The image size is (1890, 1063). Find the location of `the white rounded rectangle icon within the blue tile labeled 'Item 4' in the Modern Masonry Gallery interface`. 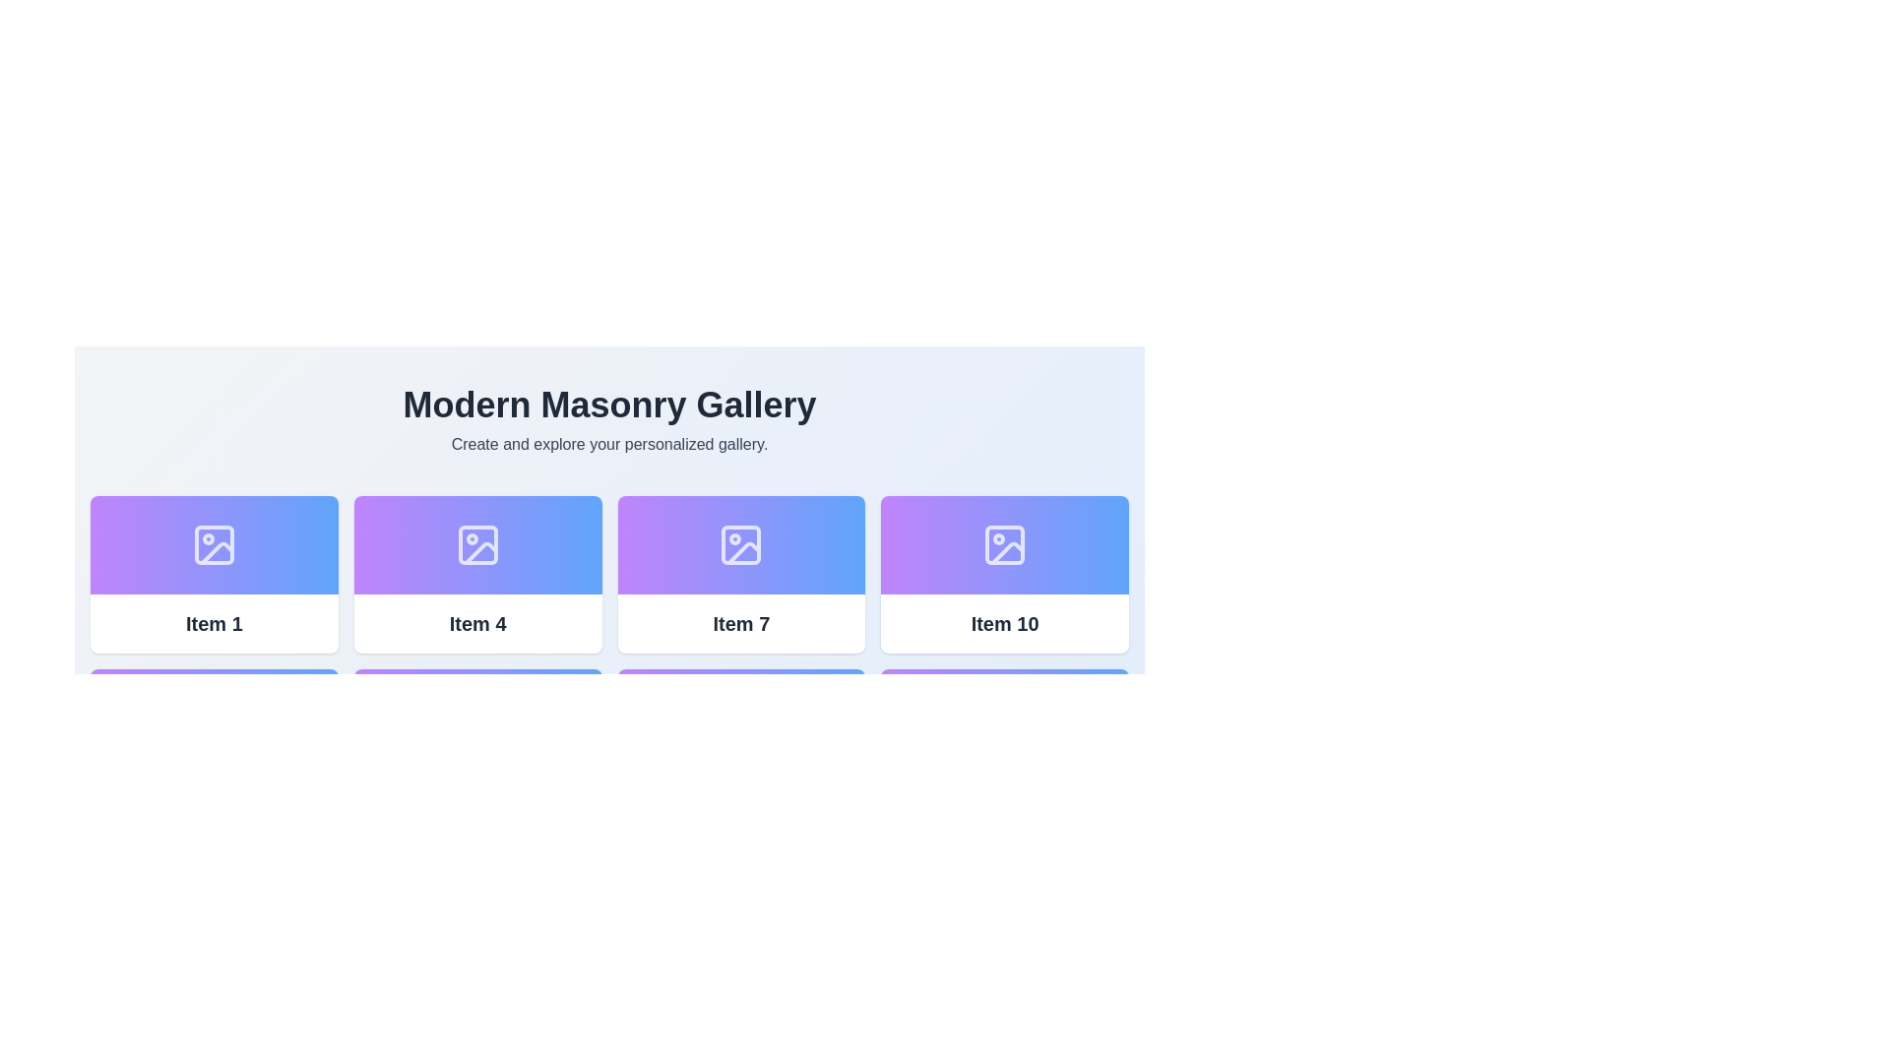

the white rounded rectangle icon within the blue tile labeled 'Item 4' in the Modern Masonry Gallery interface is located at coordinates (477, 545).